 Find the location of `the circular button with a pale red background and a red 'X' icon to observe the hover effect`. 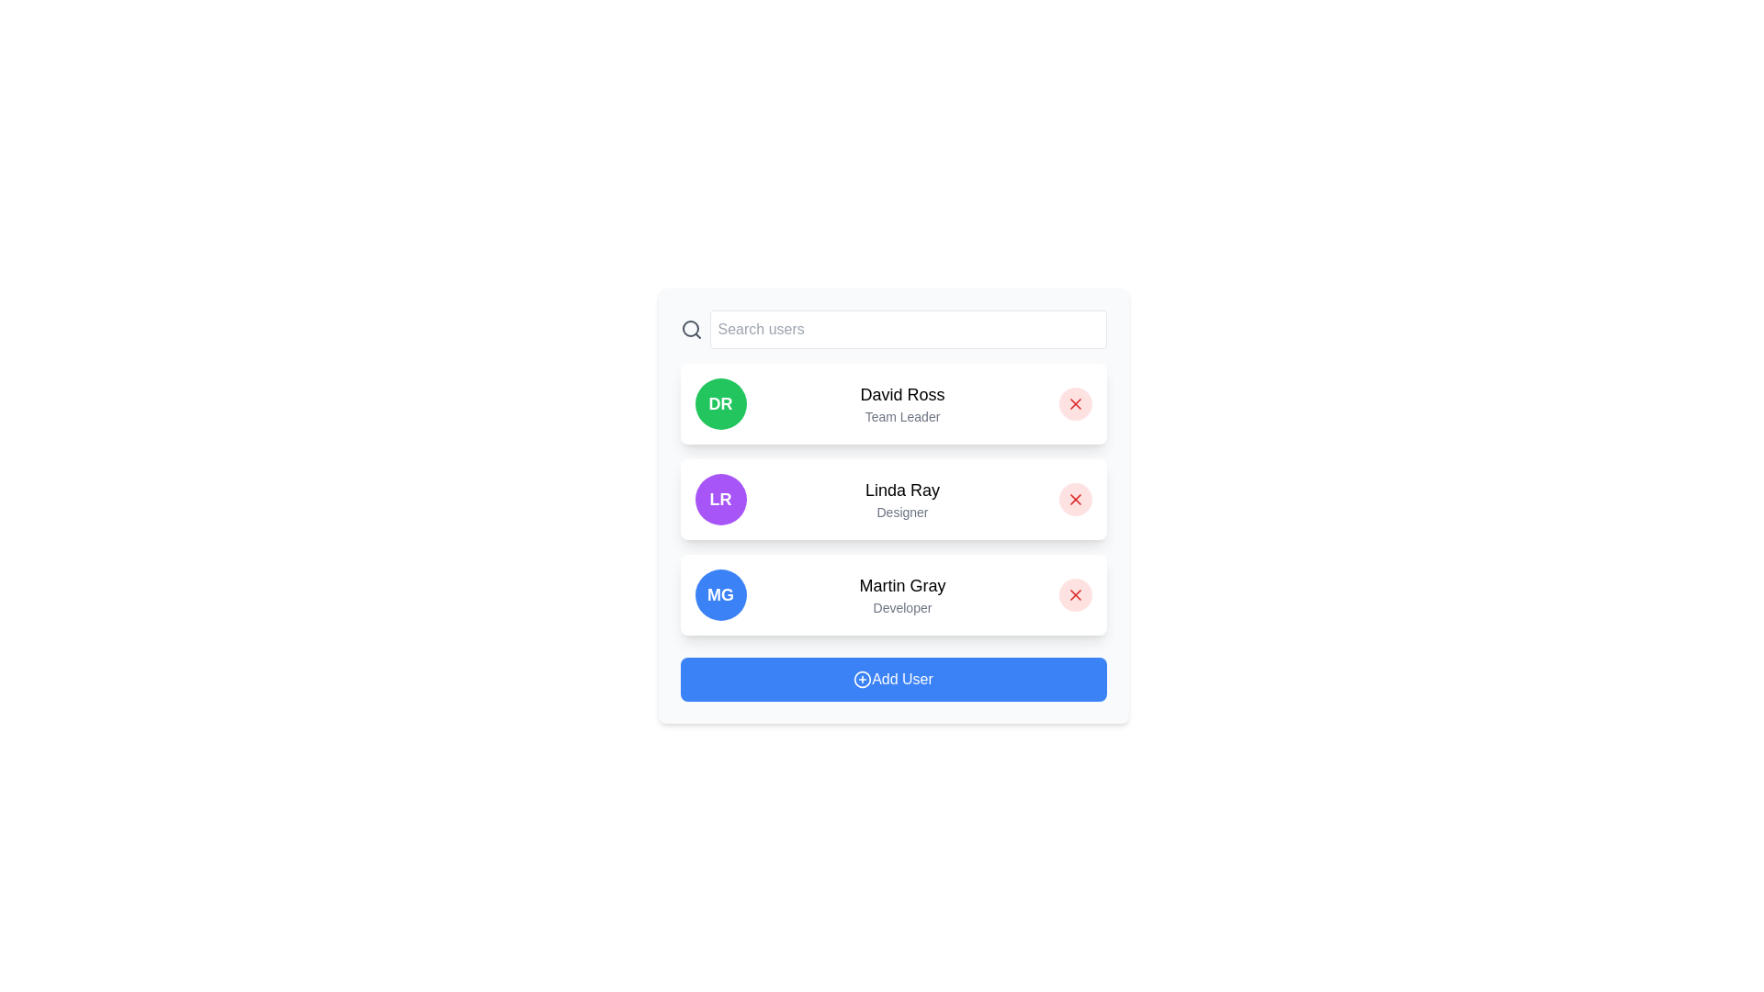

the circular button with a pale red background and a red 'X' icon to observe the hover effect is located at coordinates (1075, 402).